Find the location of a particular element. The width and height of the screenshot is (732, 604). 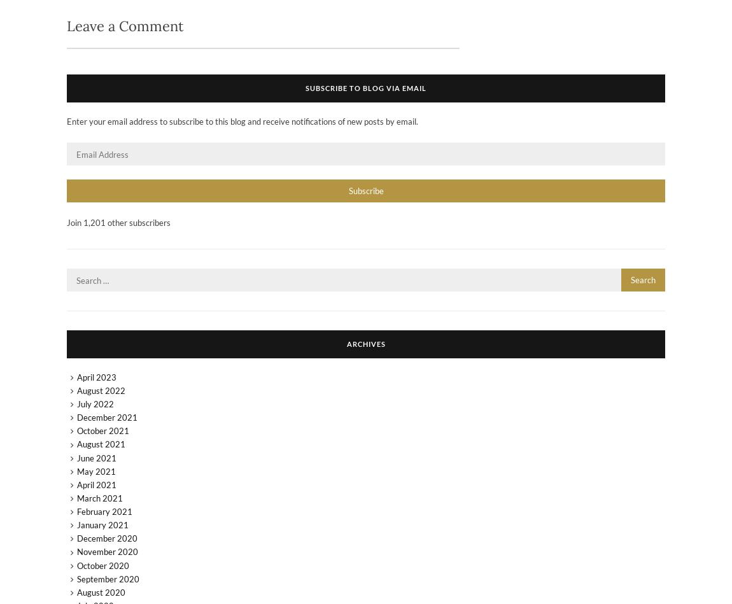

'March 2021' is located at coordinates (99, 497).